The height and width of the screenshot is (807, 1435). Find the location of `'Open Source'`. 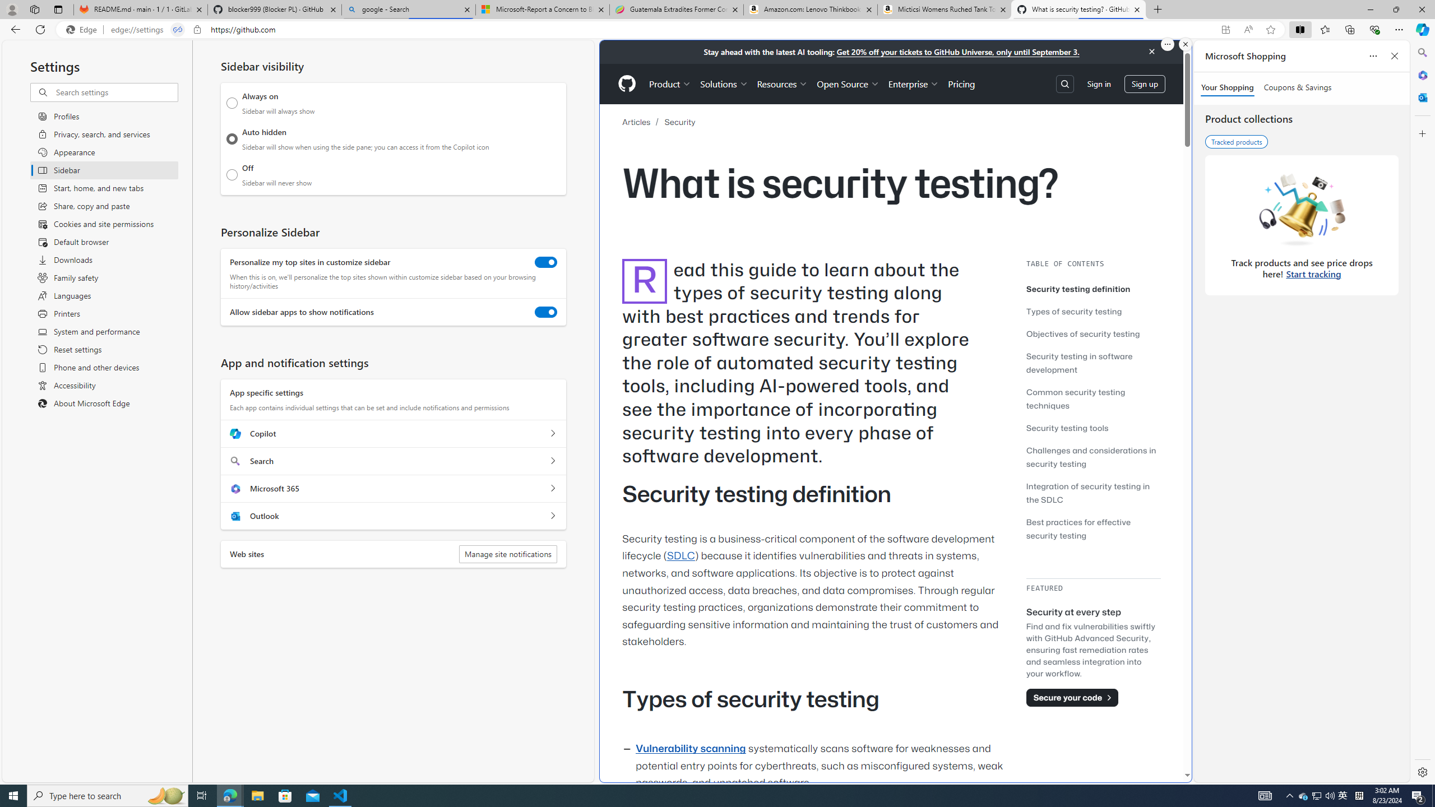

'Open Source' is located at coordinates (848, 84).